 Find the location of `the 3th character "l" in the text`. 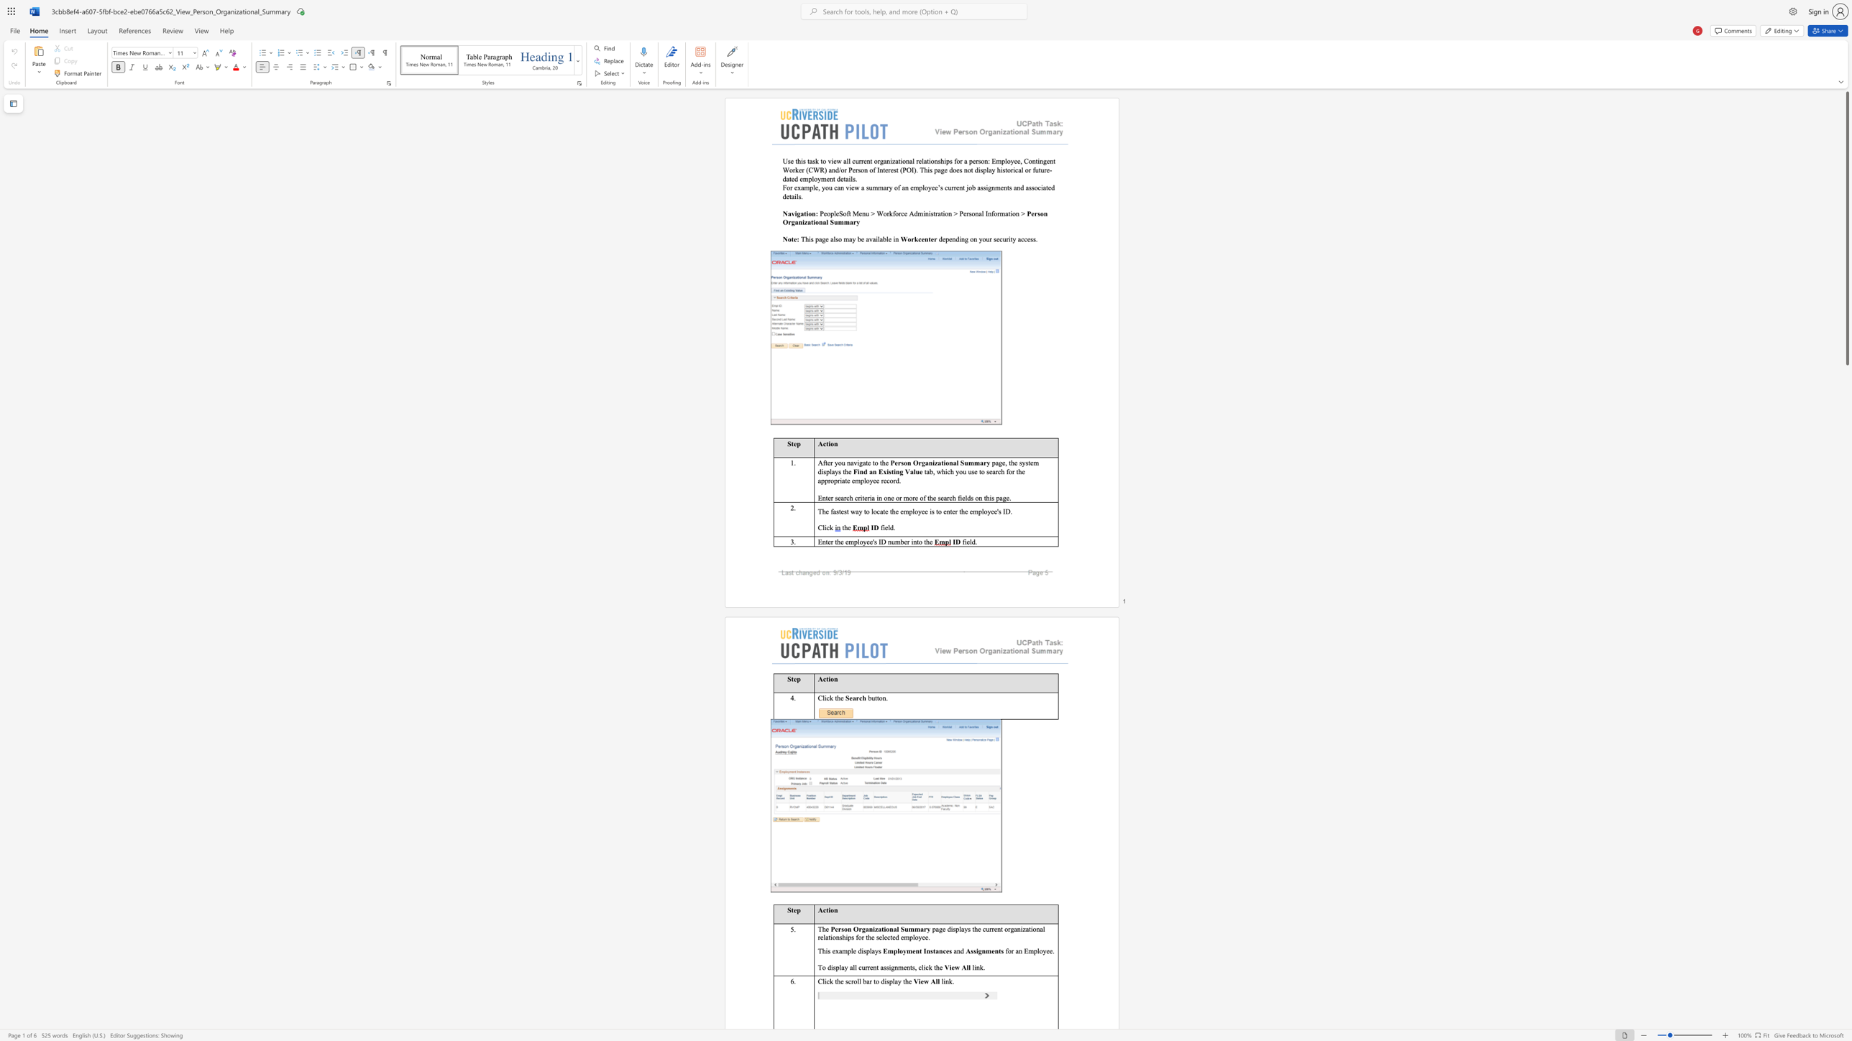

the 3th character "l" in the text is located at coordinates (887, 239).